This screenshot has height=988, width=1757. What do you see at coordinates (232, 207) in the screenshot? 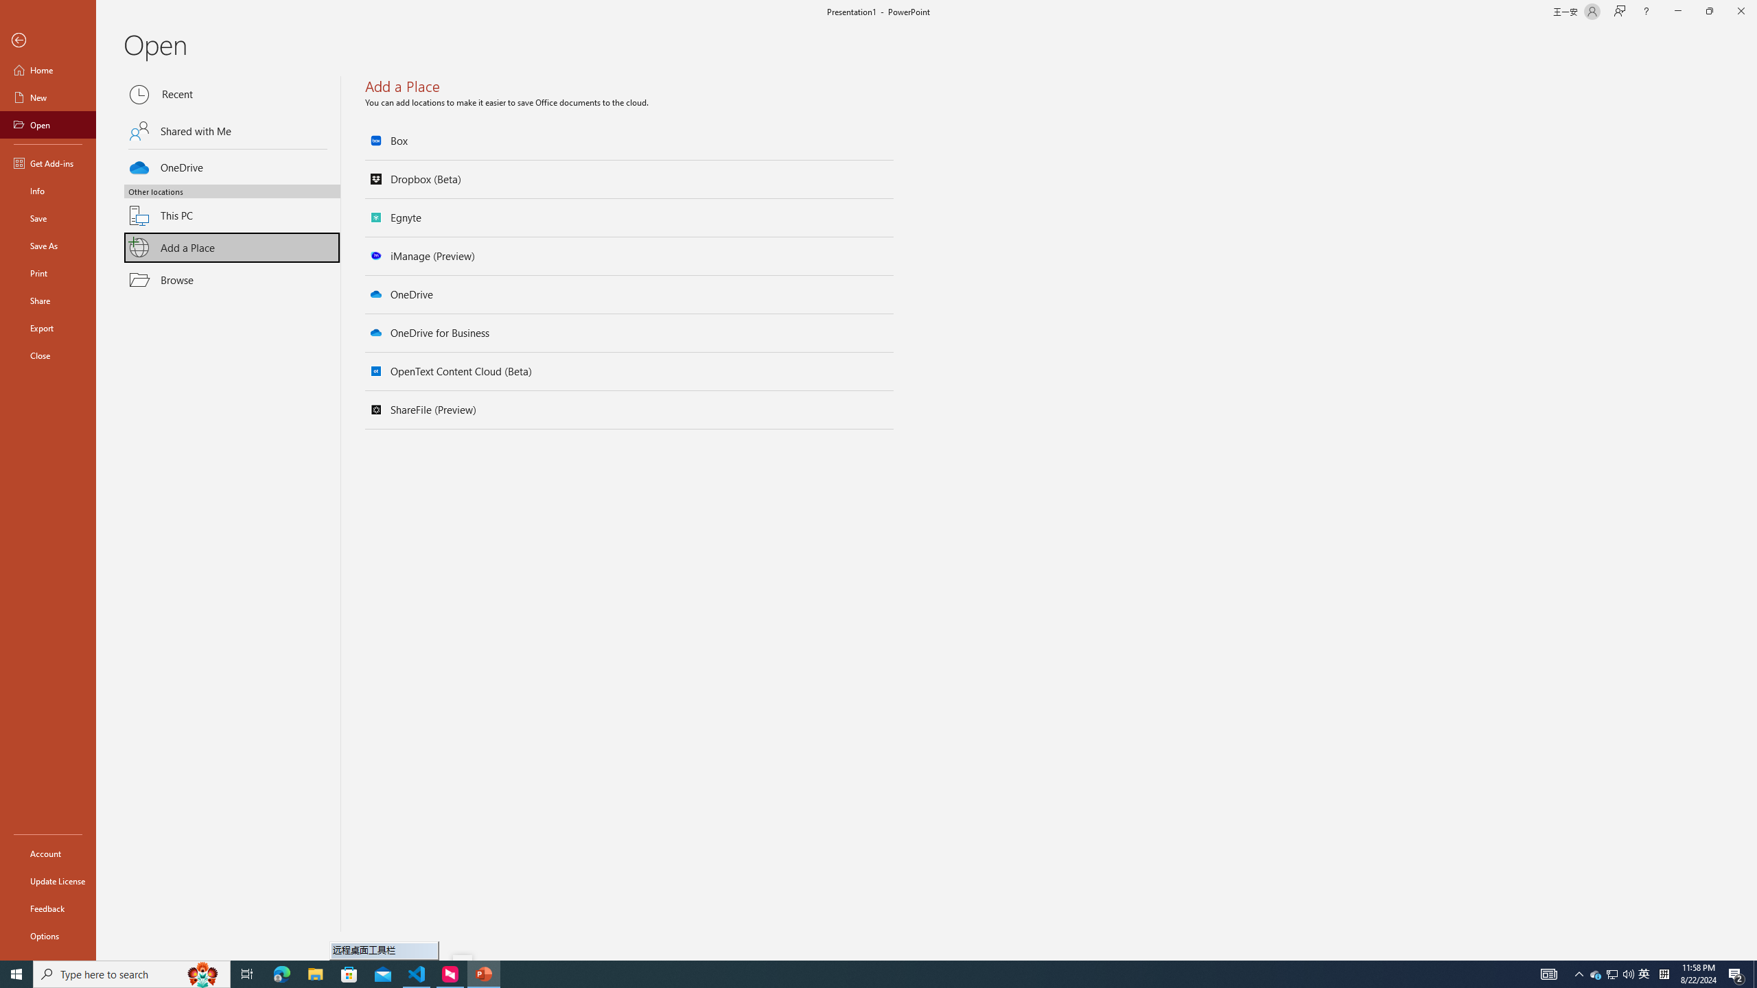
I see `'This PC'` at bounding box center [232, 207].